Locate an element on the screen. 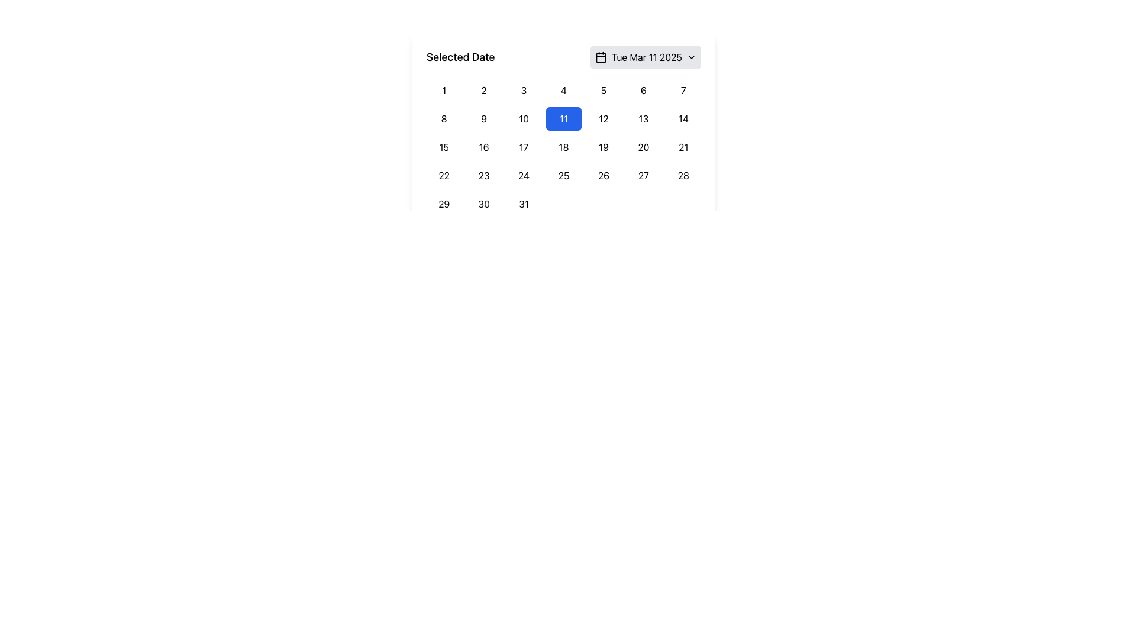 This screenshot has height=639, width=1136. the static text element displaying the date '12' in the calendar interface, located in the second row and sixth column of the calendar grid is located at coordinates (603, 118).